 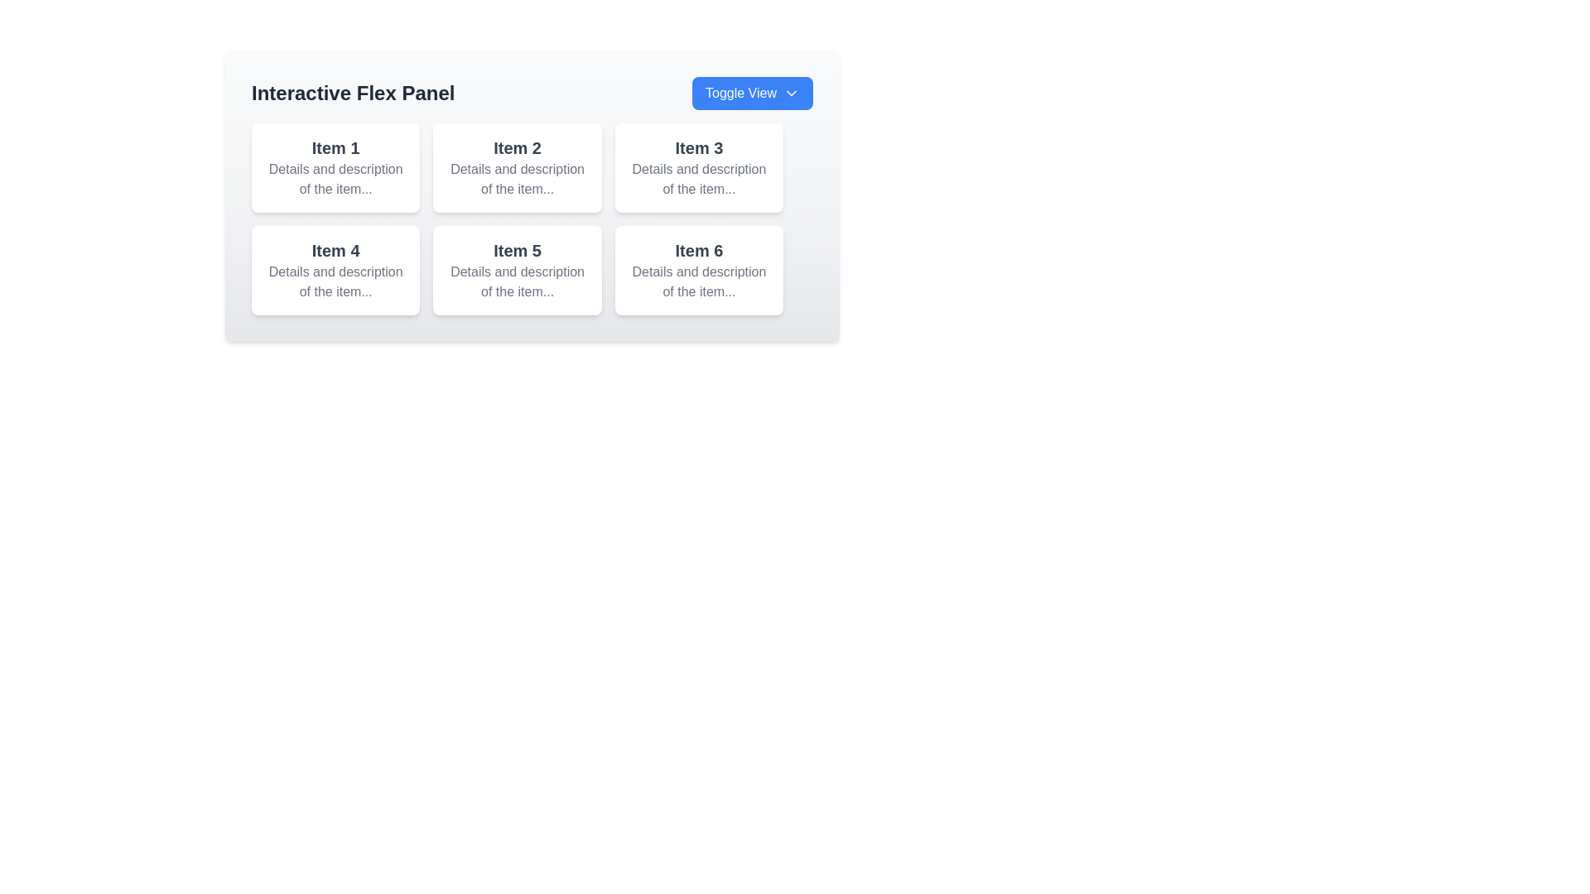 What do you see at coordinates (699, 281) in the screenshot?
I see `the supplemental text field located below the title 'Item 6' in the bottom-right corner of the grid` at bounding box center [699, 281].